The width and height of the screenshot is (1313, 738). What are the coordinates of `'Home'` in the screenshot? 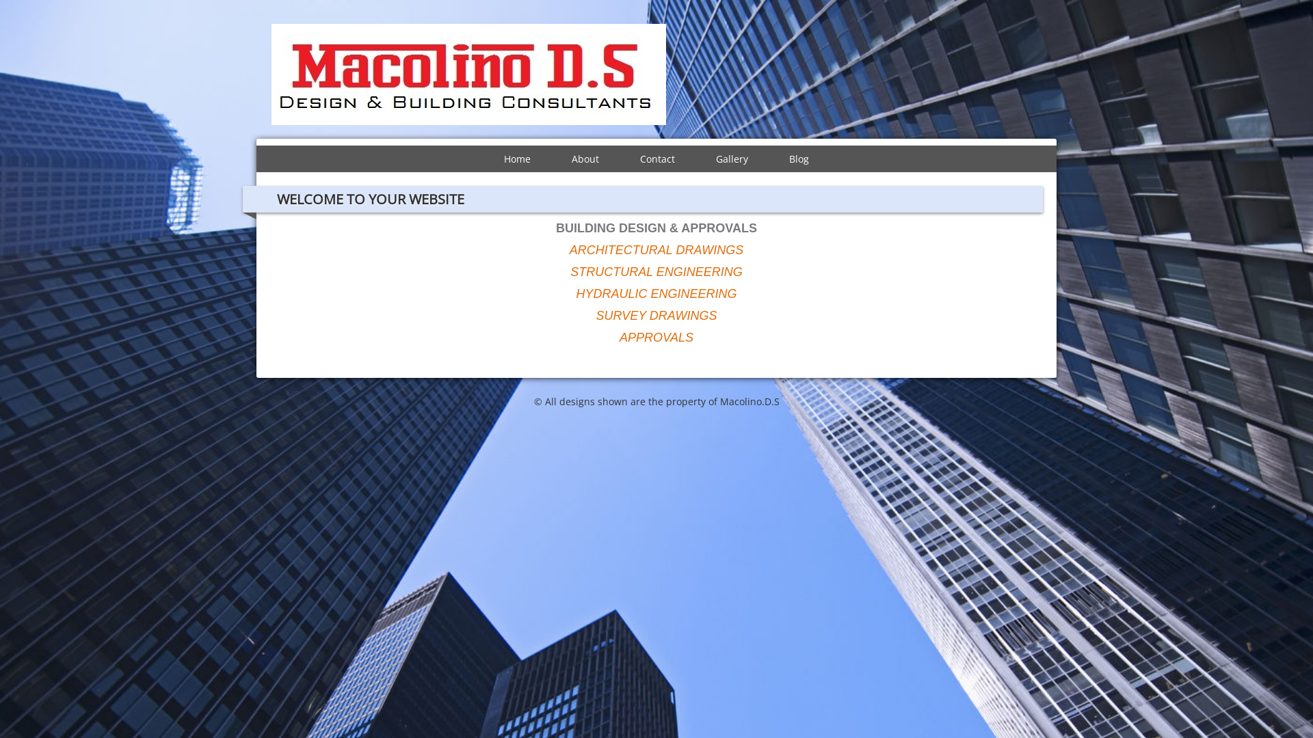 It's located at (516, 158).